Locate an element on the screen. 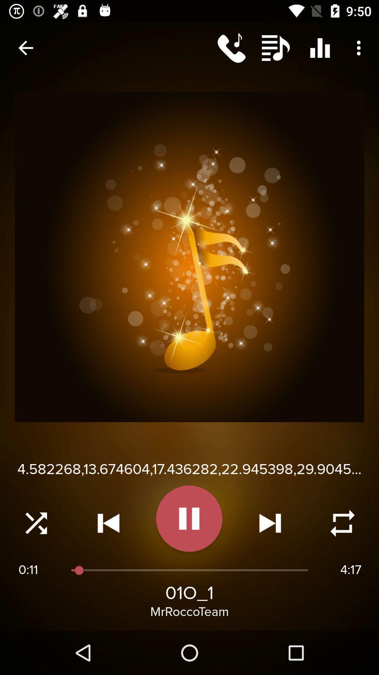 The height and width of the screenshot is (675, 379). previous song is located at coordinates (108, 523).